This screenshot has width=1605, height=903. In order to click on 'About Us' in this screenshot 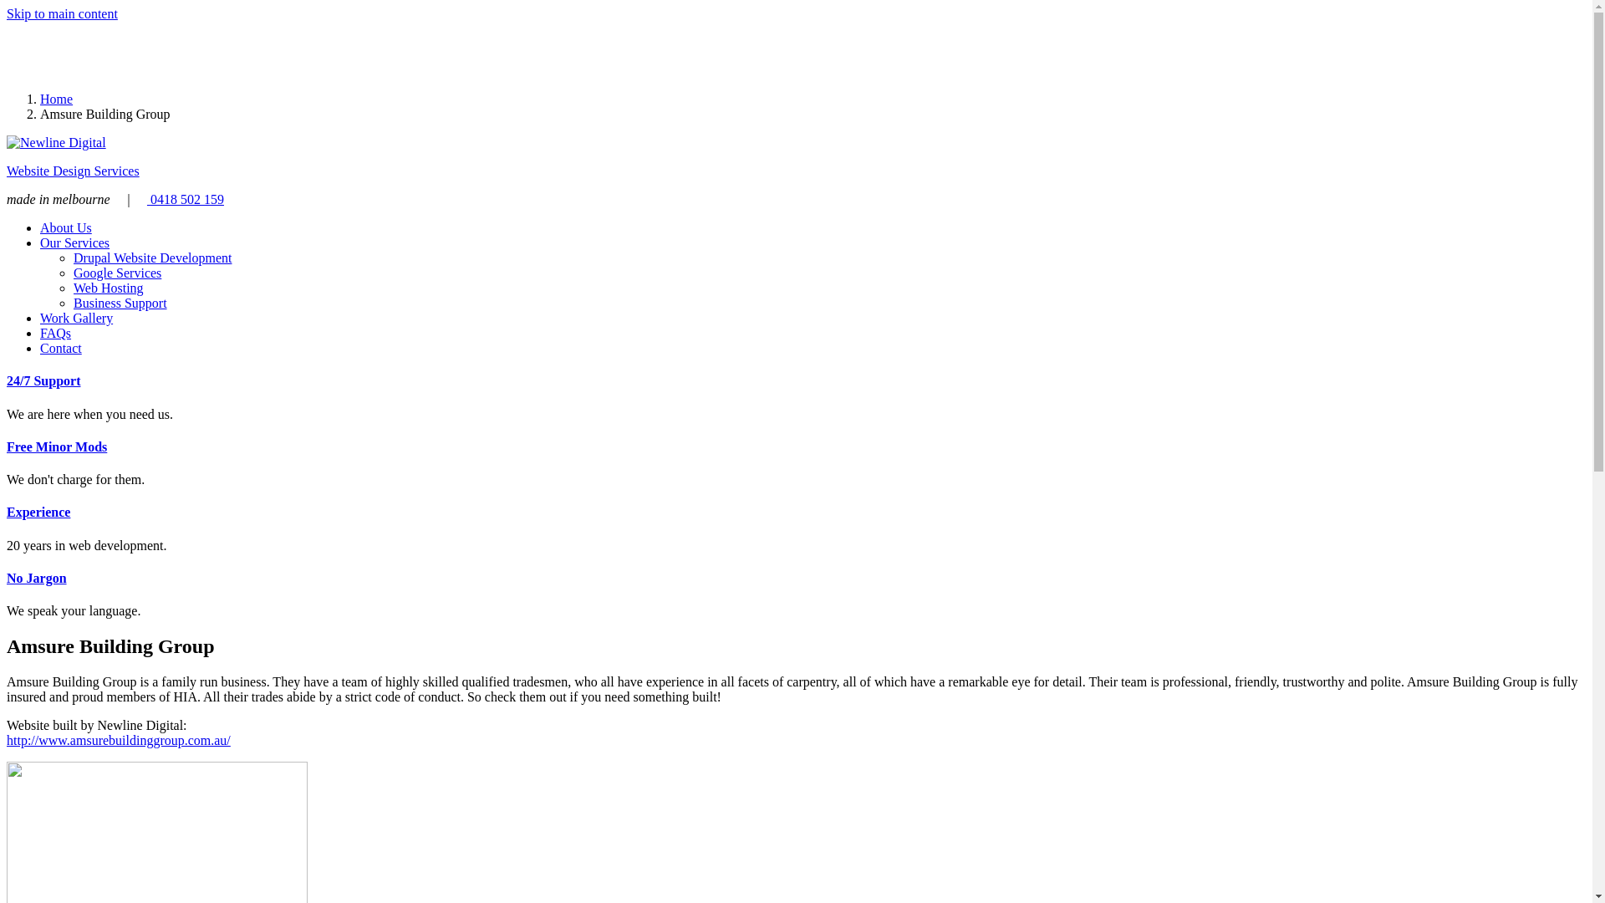, I will do `click(65, 227)`.